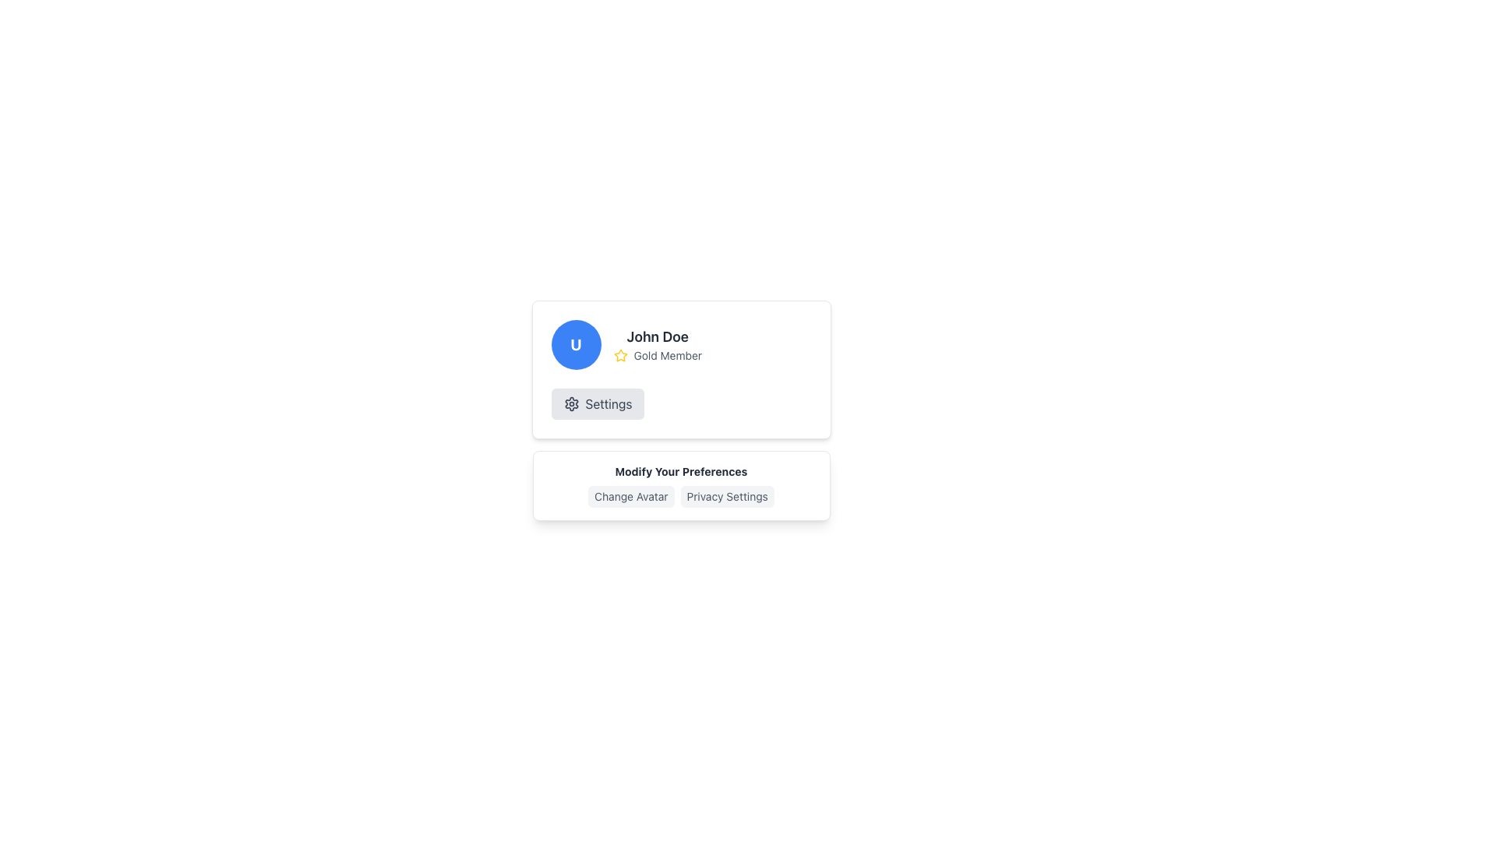 The width and height of the screenshot is (1496, 841). I want to click on the star-shaped Decorative Icon that is yellow and located next to the 'Gold Member' text under 'John Doe', so click(619, 355).